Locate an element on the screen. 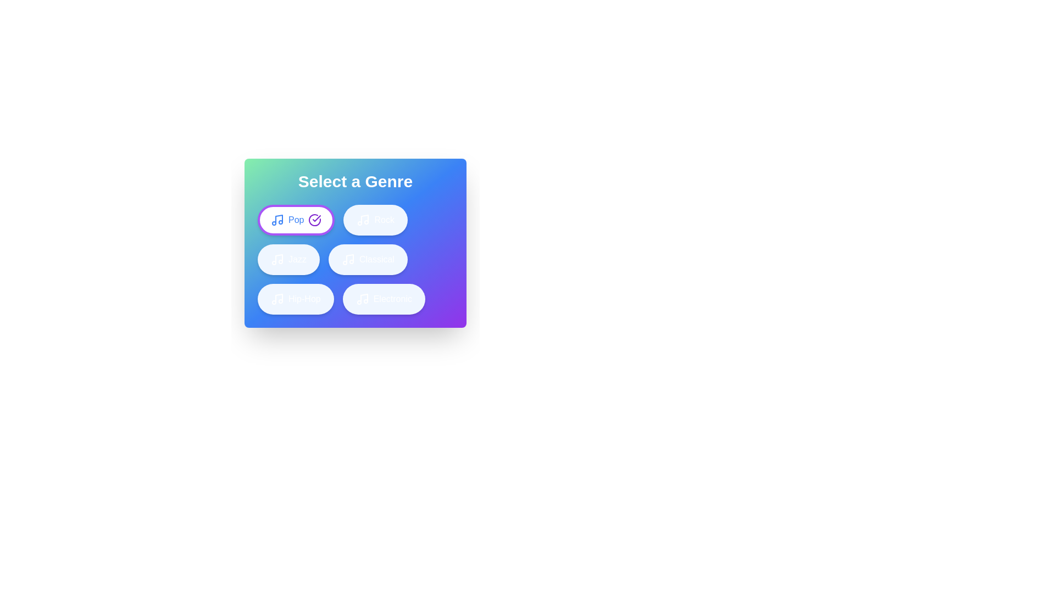 This screenshot has width=1055, height=593. the 'Jazz' button containing the SVG musical note icon by moving the cursor to its center is located at coordinates (277, 260).